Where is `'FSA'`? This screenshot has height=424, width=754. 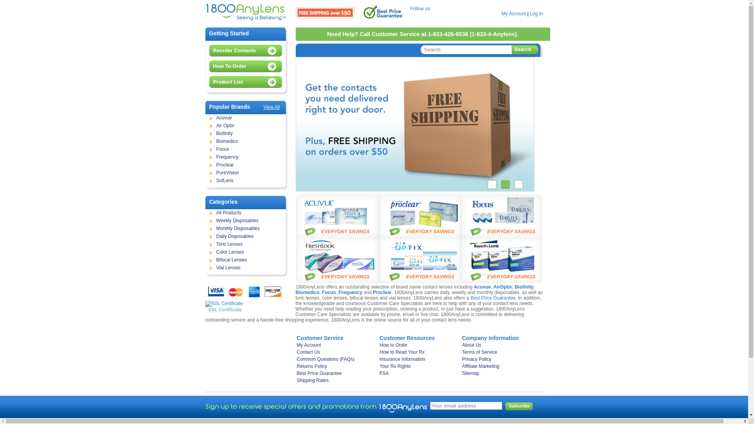 'FSA' is located at coordinates (418, 373).